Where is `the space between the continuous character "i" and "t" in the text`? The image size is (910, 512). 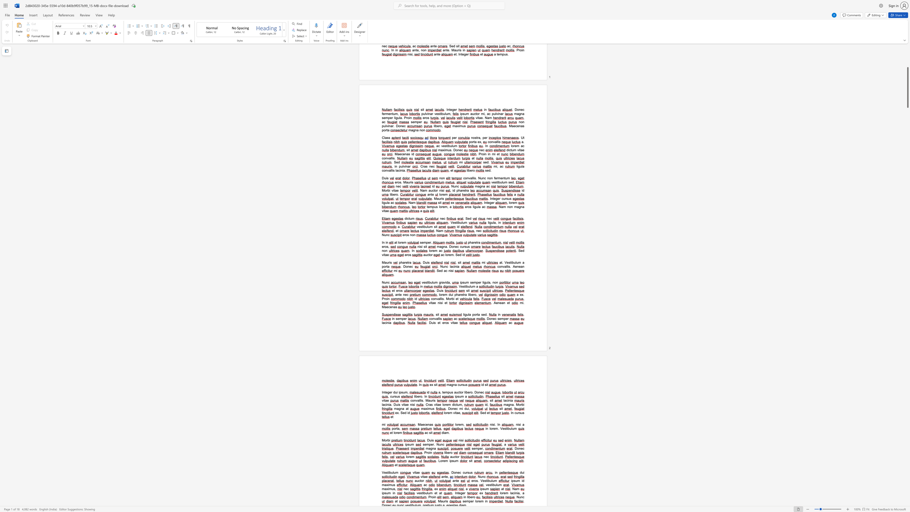 the space between the continuous character "i" and "t" in the text is located at coordinates (455, 412).